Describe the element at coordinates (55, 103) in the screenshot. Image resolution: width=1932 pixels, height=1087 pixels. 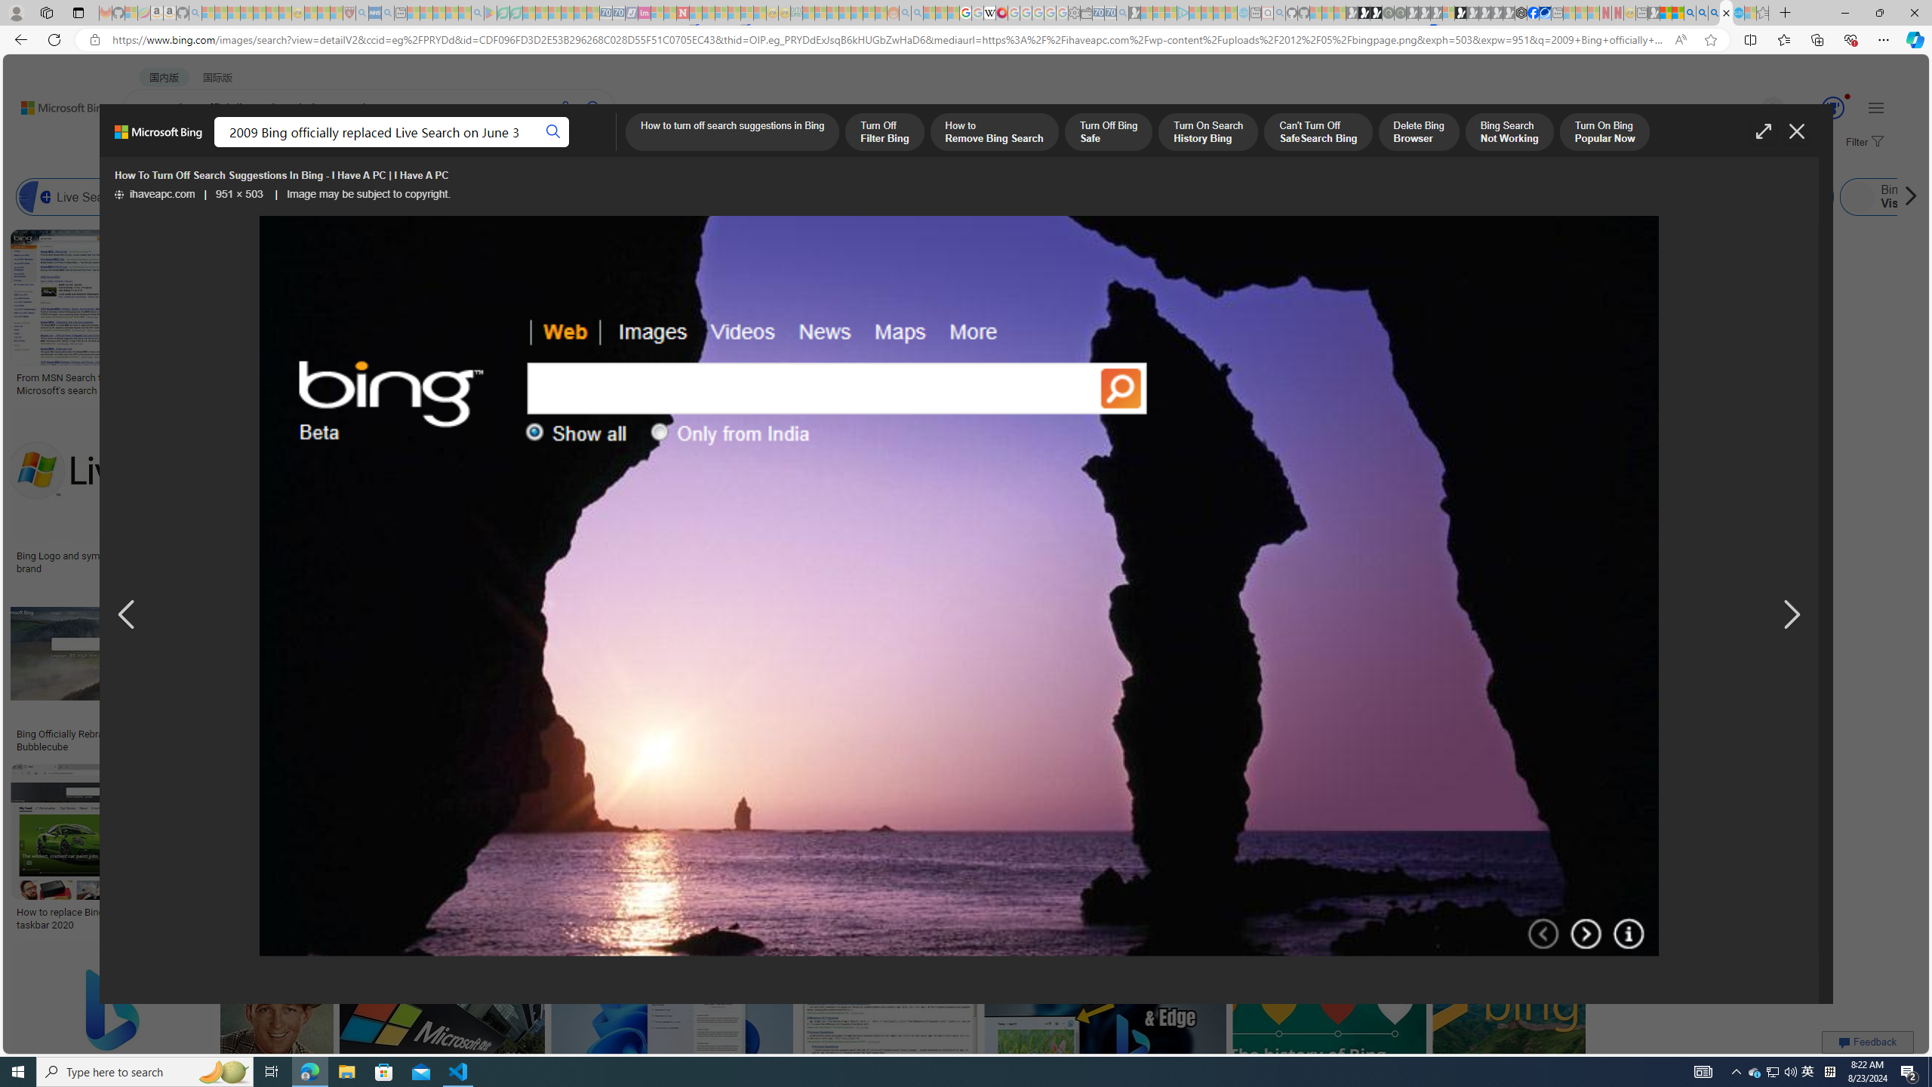
I see `'Back to Bing search'` at that location.